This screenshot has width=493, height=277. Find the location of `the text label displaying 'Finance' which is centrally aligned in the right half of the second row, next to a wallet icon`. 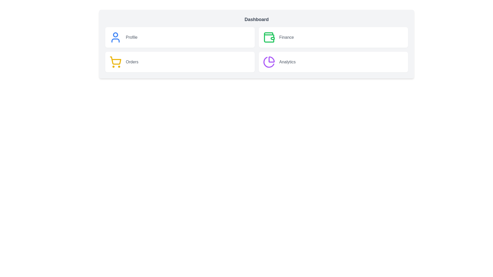

the text label displaying 'Finance' which is centrally aligned in the right half of the second row, next to a wallet icon is located at coordinates (286, 37).